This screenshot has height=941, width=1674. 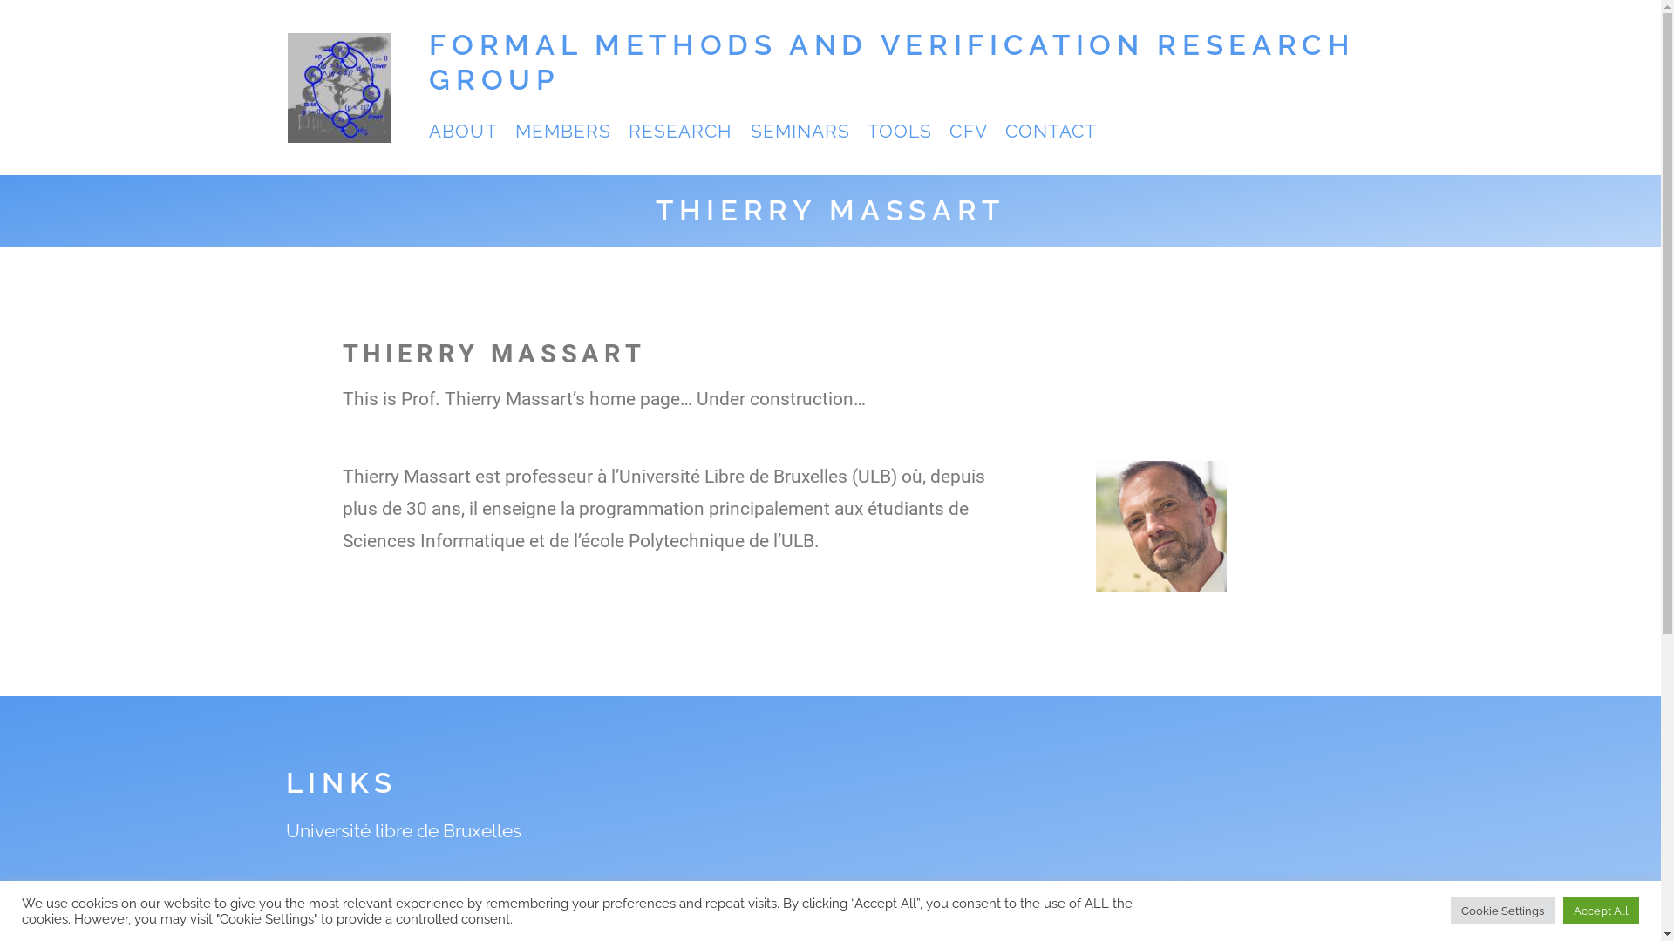 I want to click on 'CONTACT', so click(x=1050, y=130).